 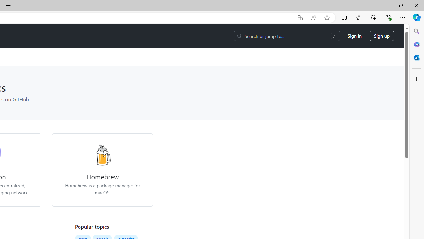 I want to click on 'App available. Install GitHub', so click(x=300, y=17).